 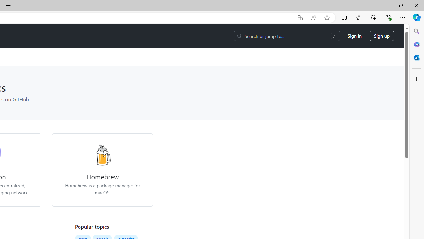 I want to click on 'App available. Install GitHub', so click(x=300, y=17).